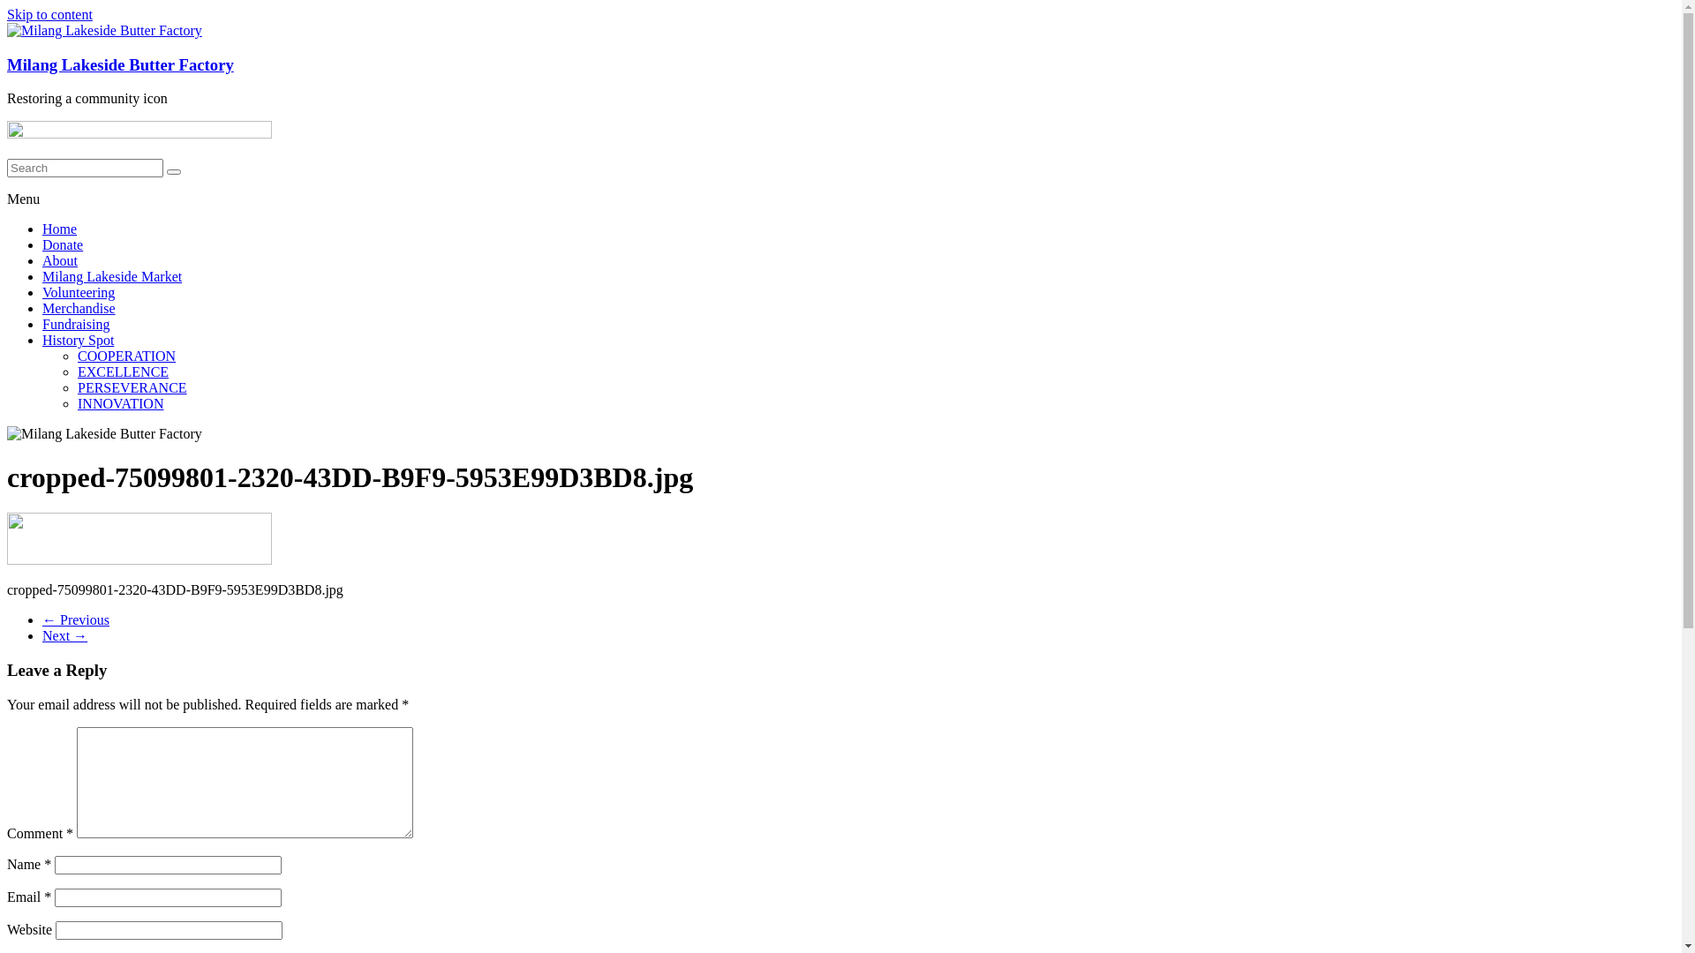 The height and width of the screenshot is (953, 1695). What do you see at coordinates (76, 371) in the screenshot?
I see `'EXCELLENCE'` at bounding box center [76, 371].